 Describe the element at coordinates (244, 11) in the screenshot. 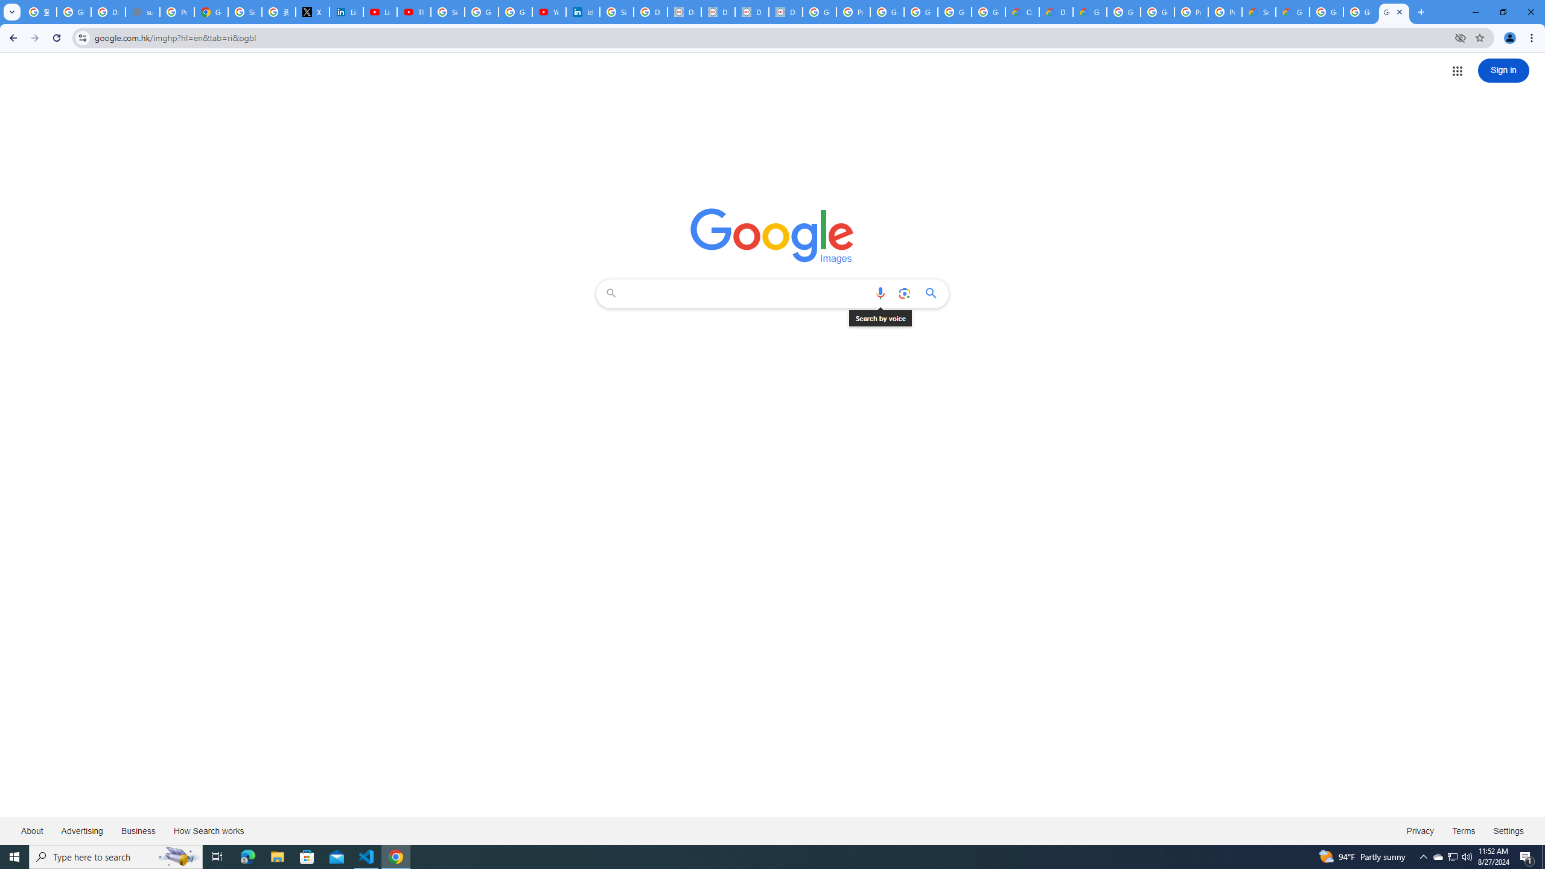

I see `'Sign in - Google Accounts'` at that location.